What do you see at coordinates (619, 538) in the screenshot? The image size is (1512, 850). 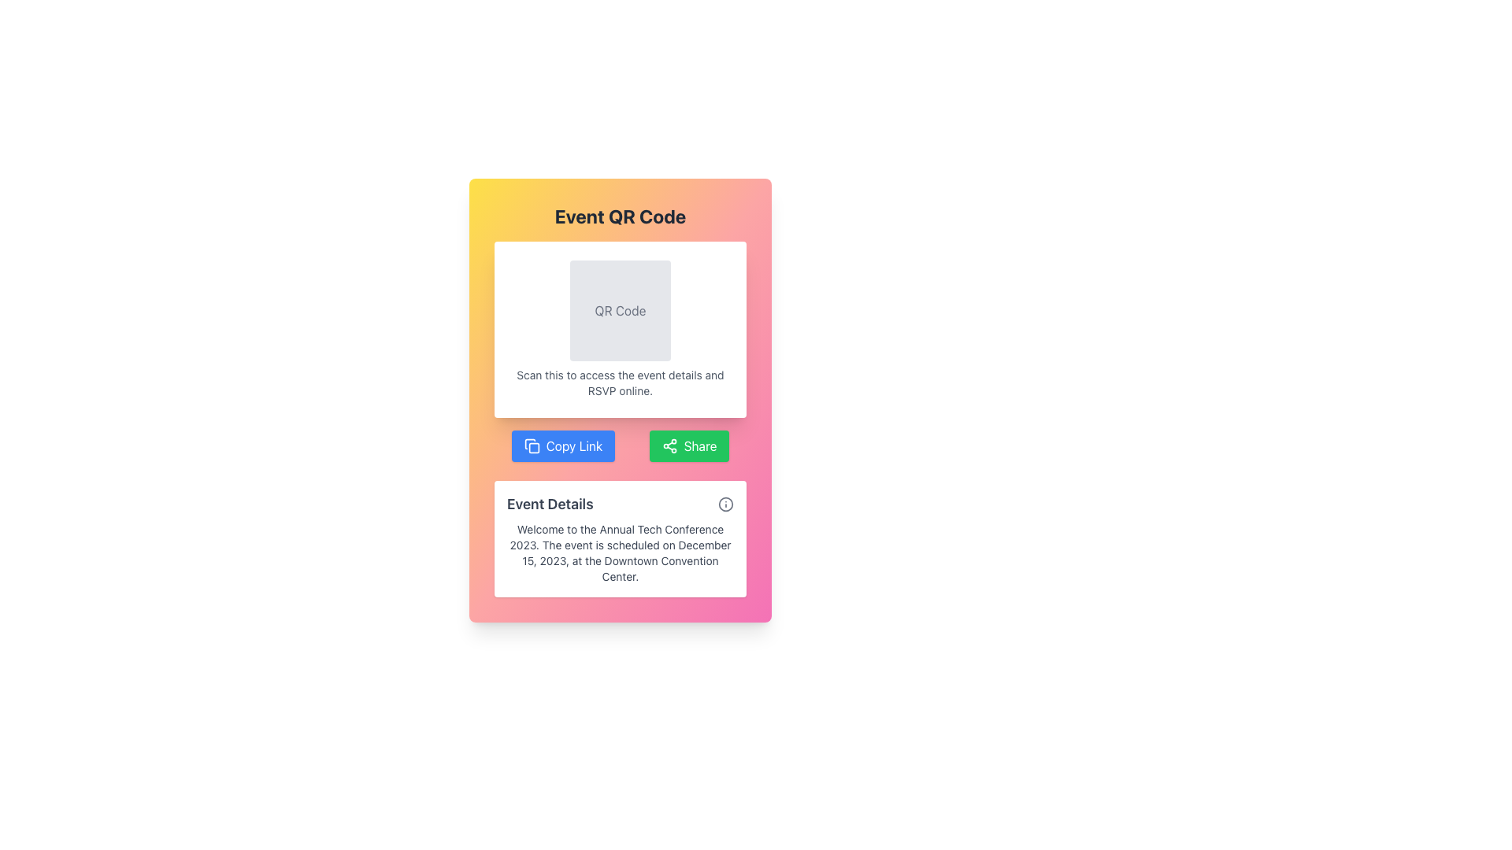 I see `the Informational Text Block that displays event details, containing a heading 'Event Details' styled in bold and a paragraph with the event description, located beneath the 'Copy Link' and 'Share' buttons` at bounding box center [619, 538].